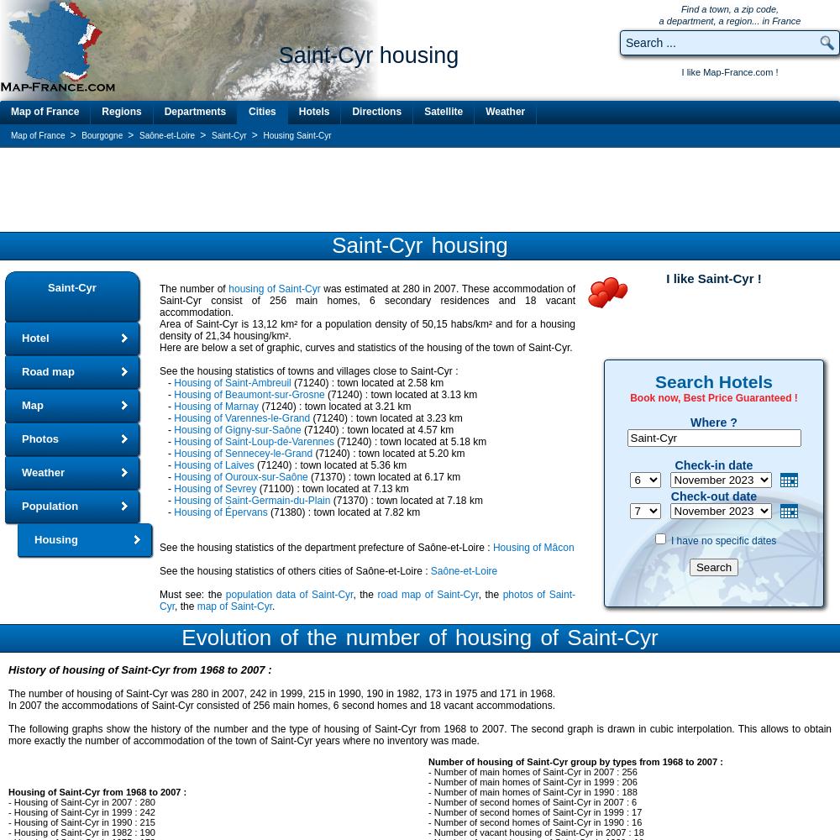 The image size is (840, 840). I want to click on 'Book now, Best Price Guaranteed !', so click(712, 397).